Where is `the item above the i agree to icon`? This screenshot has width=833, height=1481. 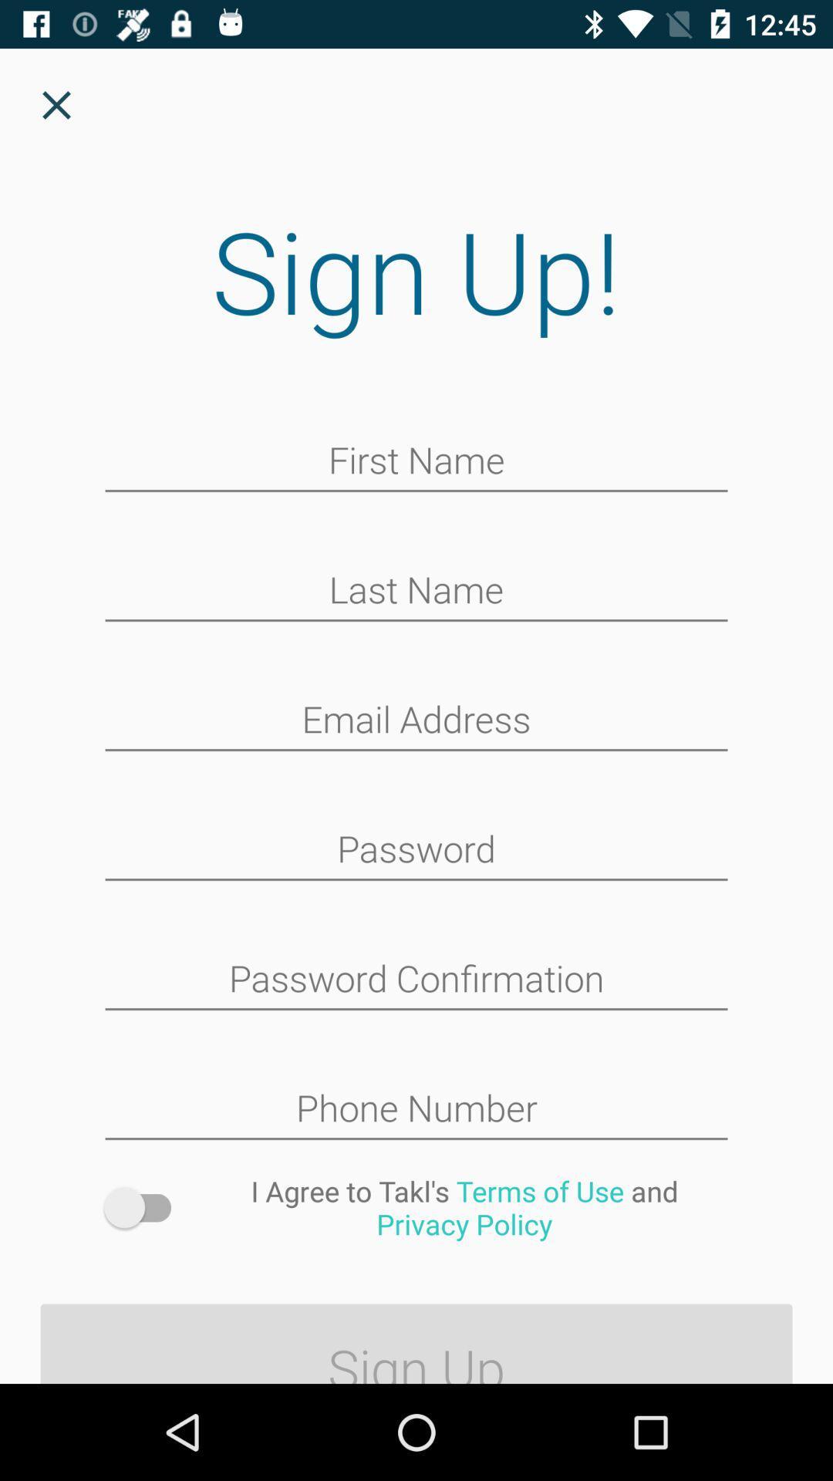
the item above the i agree to icon is located at coordinates (416, 1109).